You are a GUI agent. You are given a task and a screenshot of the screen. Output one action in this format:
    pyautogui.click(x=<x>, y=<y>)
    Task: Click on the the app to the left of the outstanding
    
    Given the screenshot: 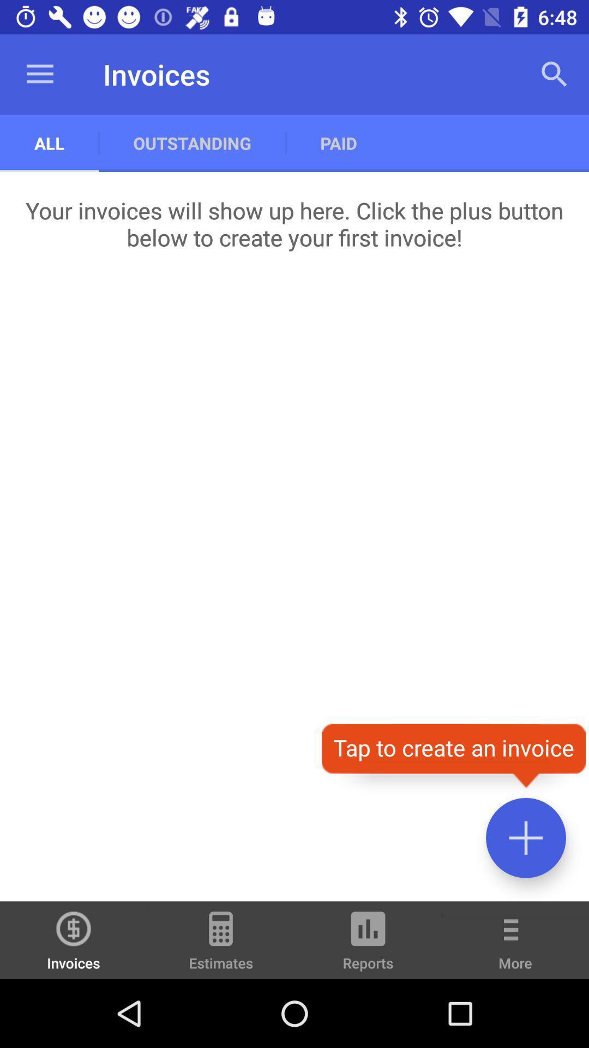 What is the action you would take?
    pyautogui.click(x=39, y=74)
    